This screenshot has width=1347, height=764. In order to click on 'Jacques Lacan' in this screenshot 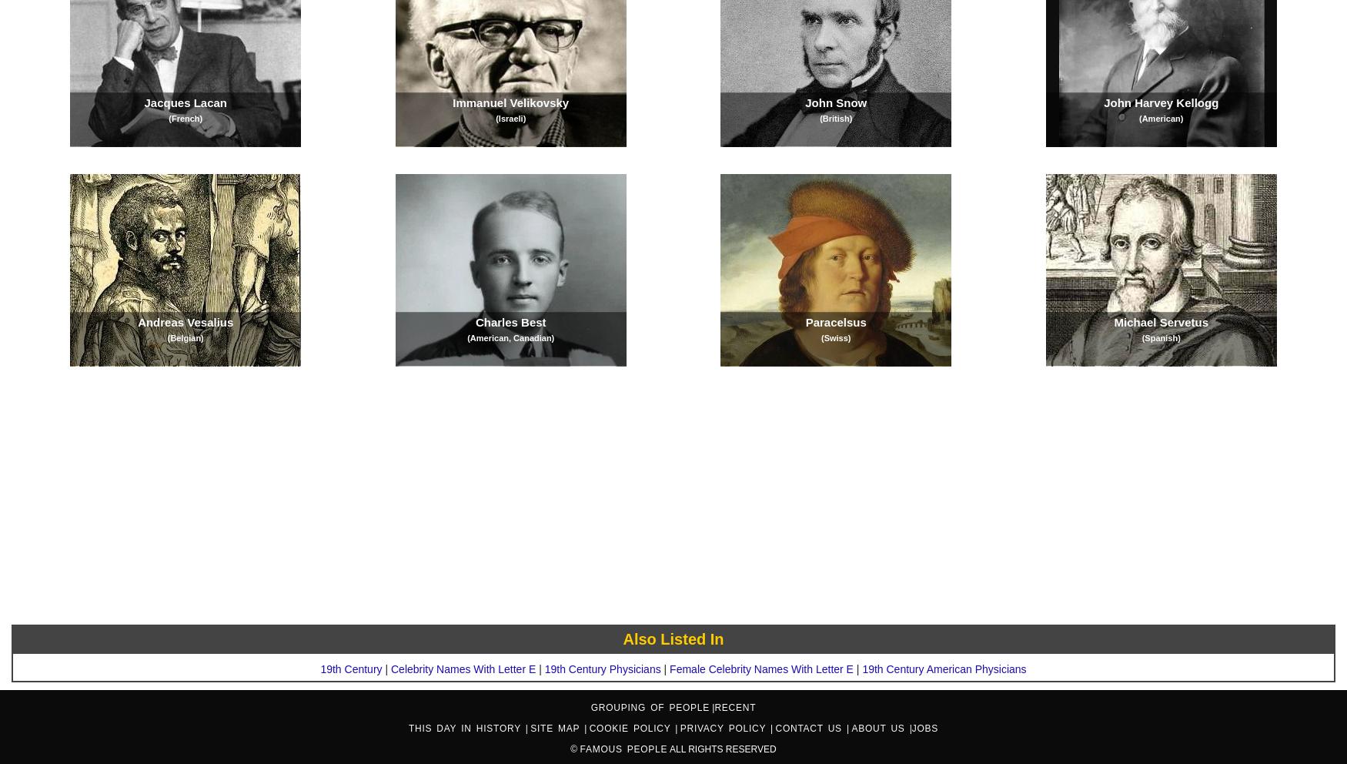, I will do `click(143, 102)`.